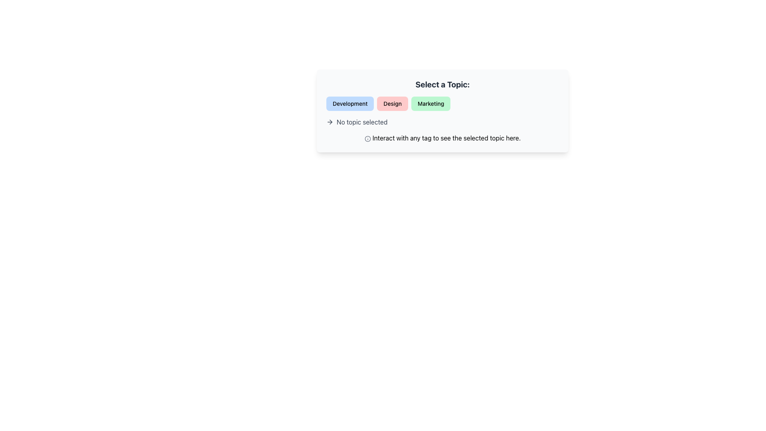  What do you see at coordinates (442, 103) in the screenshot?
I see `the 'Marketing' tag in the group of interactive tags or buttons located below the heading 'Select a Topic:'` at bounding box center [442, 103].